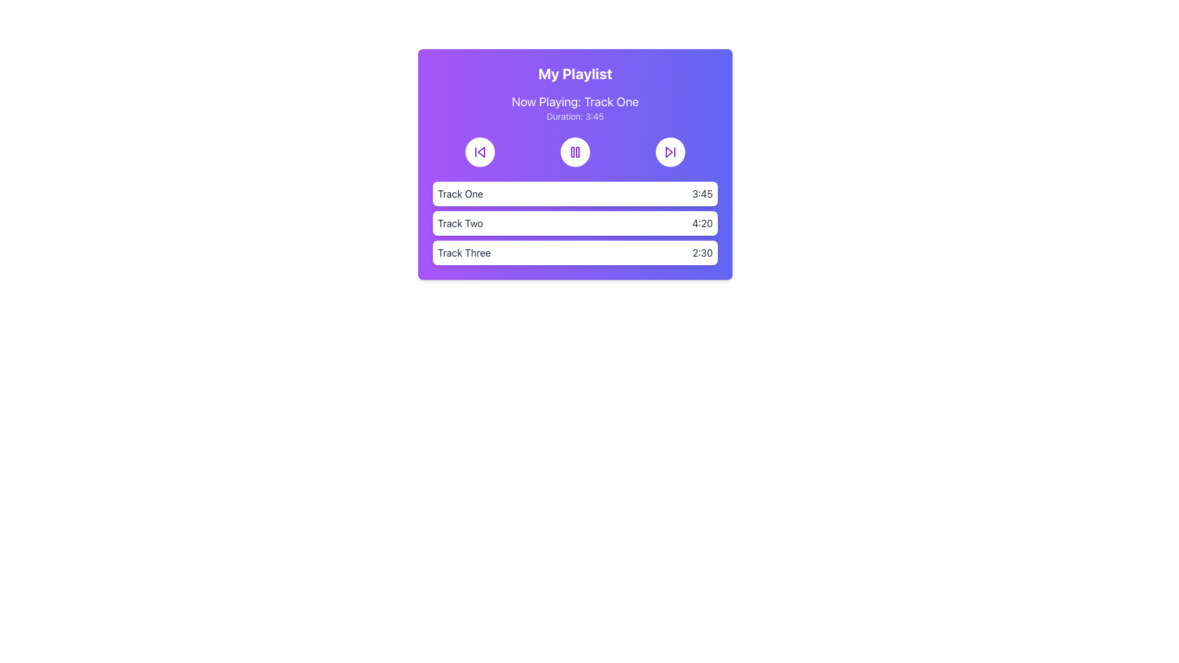 The width and height of the screenshot is (1179, 663). What do you see at coordinates (481, 151) in the screenshot?
I see `the right triangular inner part of the left-most button in the purple-themed card, located adjacent to the 'My Playlist' title` at bounding box center [481, 151].